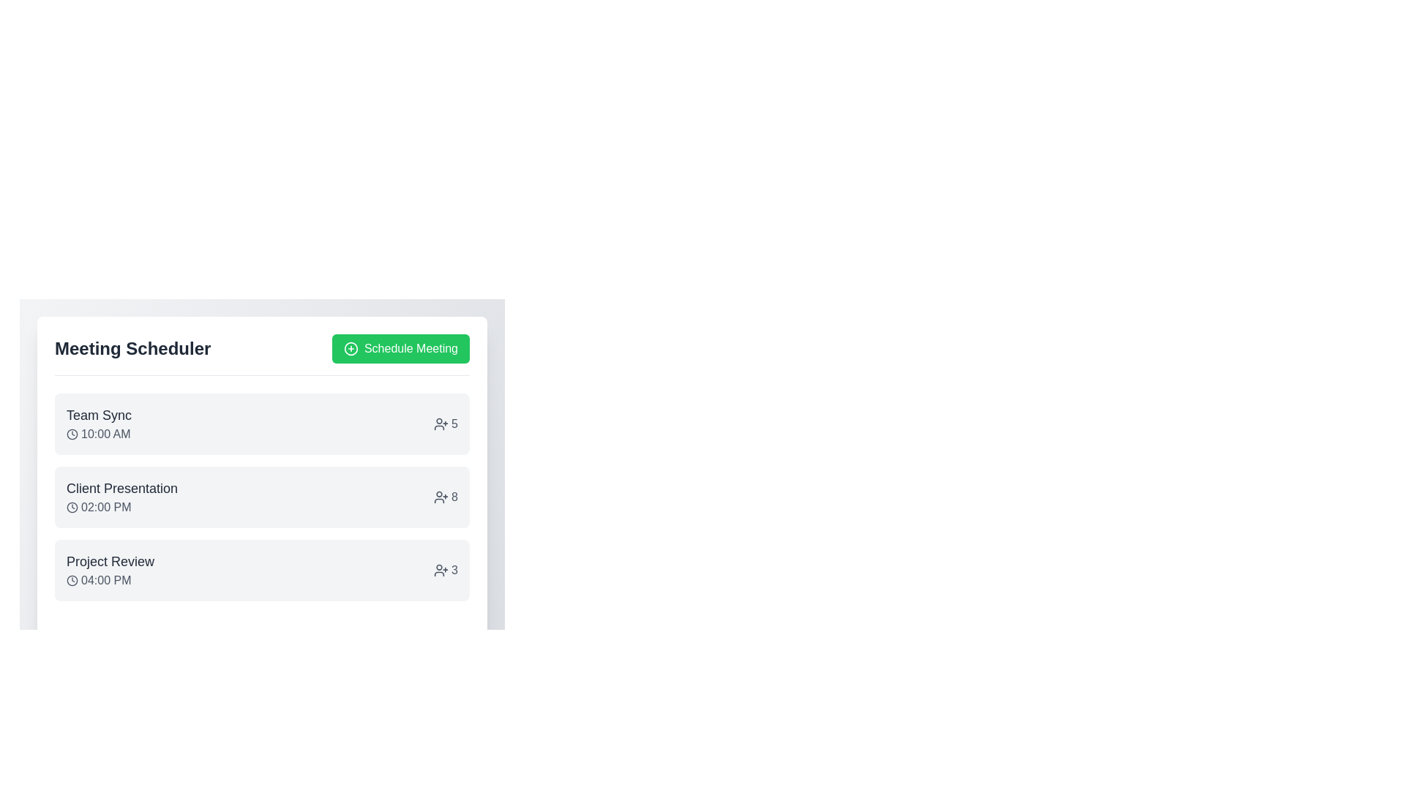  I want to click on the icon representing the start time for 'Team Sync', located to the immediate left of the text '10:00 AM', so click(72, 434).